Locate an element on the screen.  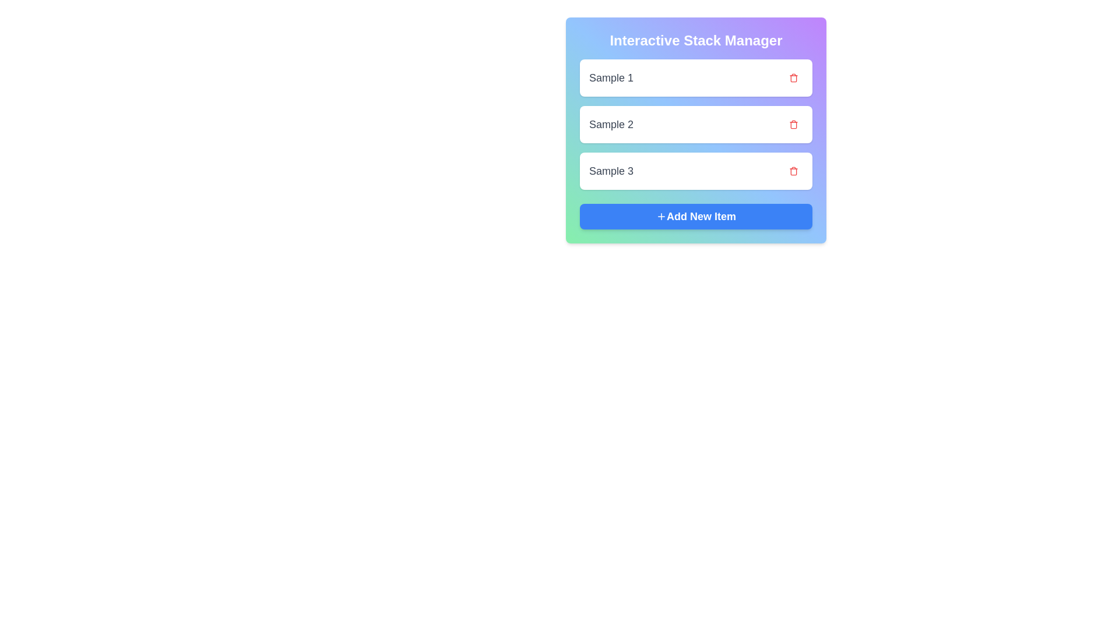
the text label displaying 'Sample 3', which is styled in a medium-sized, bold gray font and positioned within the third item of the 'Interactive Stack Manager' is located at coordinates (611, 171).